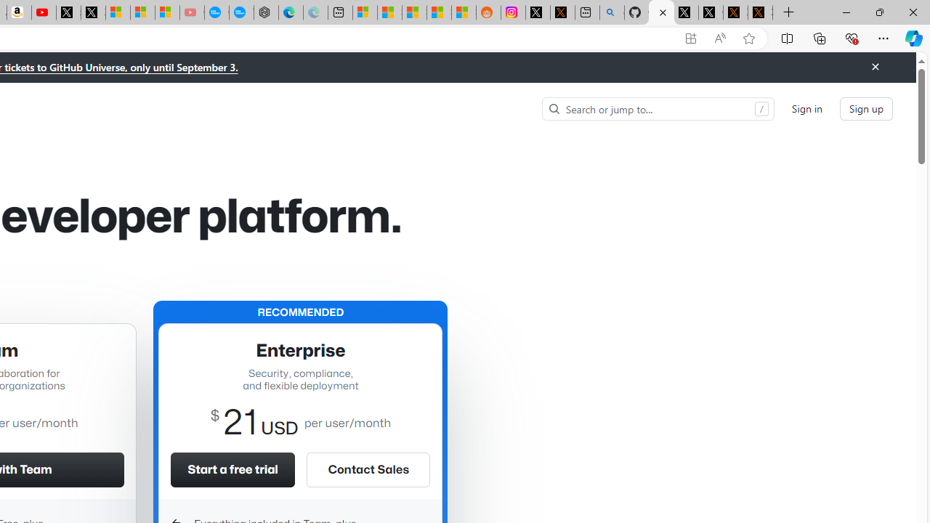 The image size is (930, 523). Describe the element at coordinates (685, 12) in the screenshot. I see `'Profile / X'` at that location.